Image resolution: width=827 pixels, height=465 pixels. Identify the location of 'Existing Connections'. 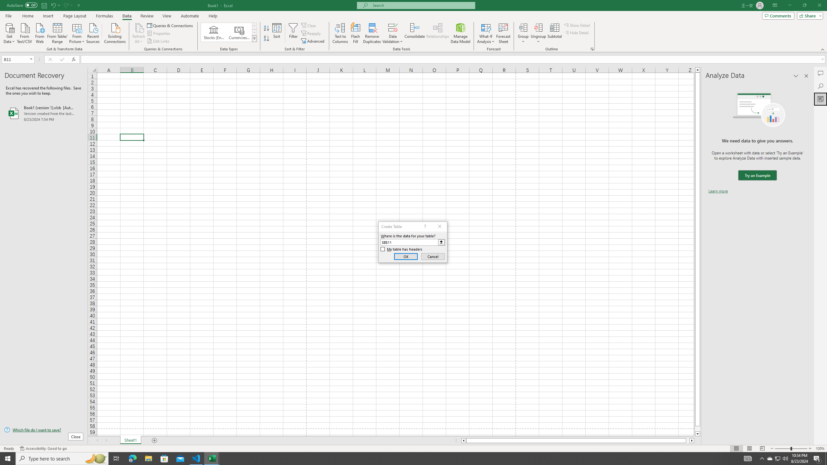
(114, 32).